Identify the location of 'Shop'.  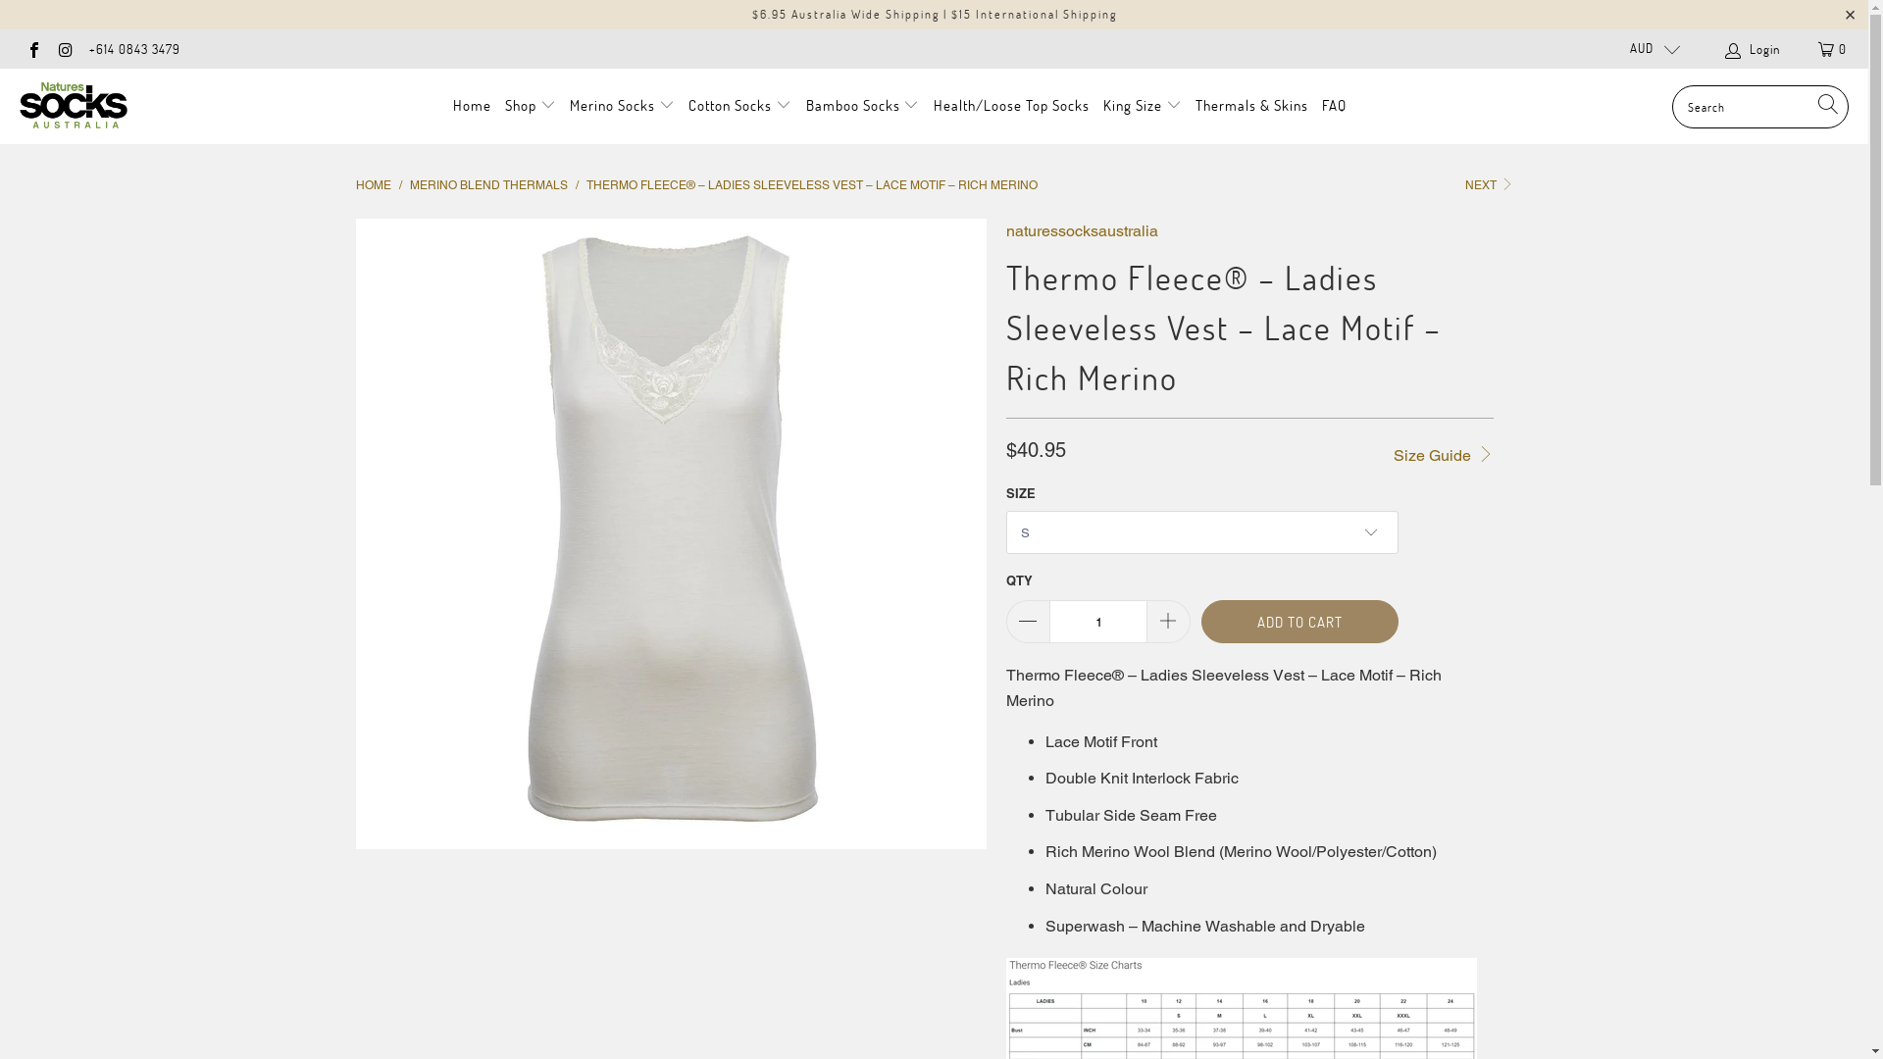
(504, 106).